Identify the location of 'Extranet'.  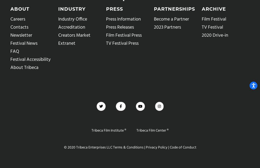
(67, 43).